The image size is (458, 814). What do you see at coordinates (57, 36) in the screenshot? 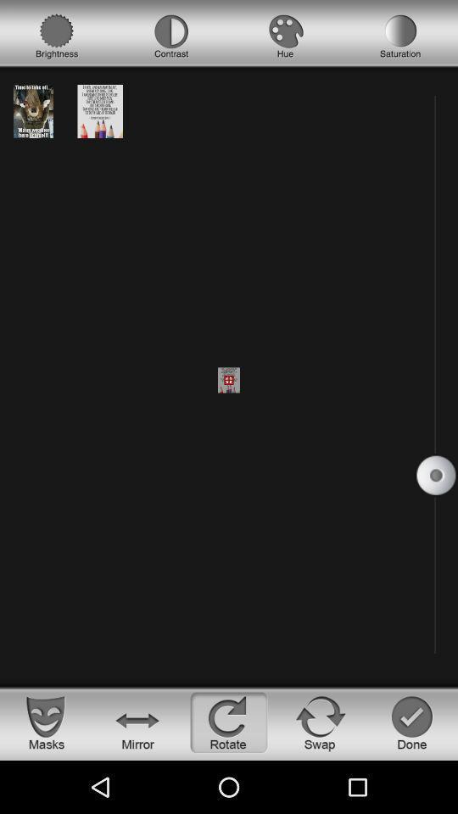
I see `adjust the brightness` at bounding box center [57, 36].